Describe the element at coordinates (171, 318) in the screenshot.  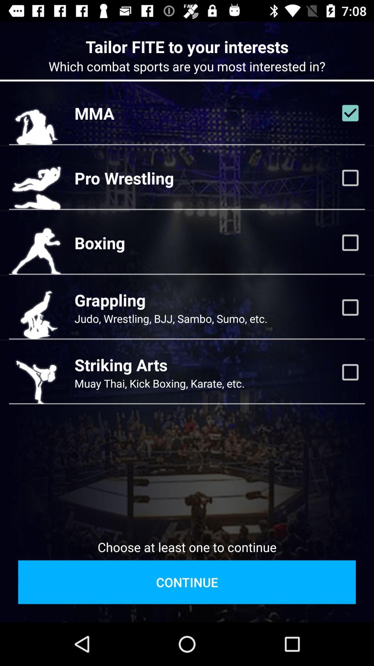
I see `the judo wrestling bjj` at that location.